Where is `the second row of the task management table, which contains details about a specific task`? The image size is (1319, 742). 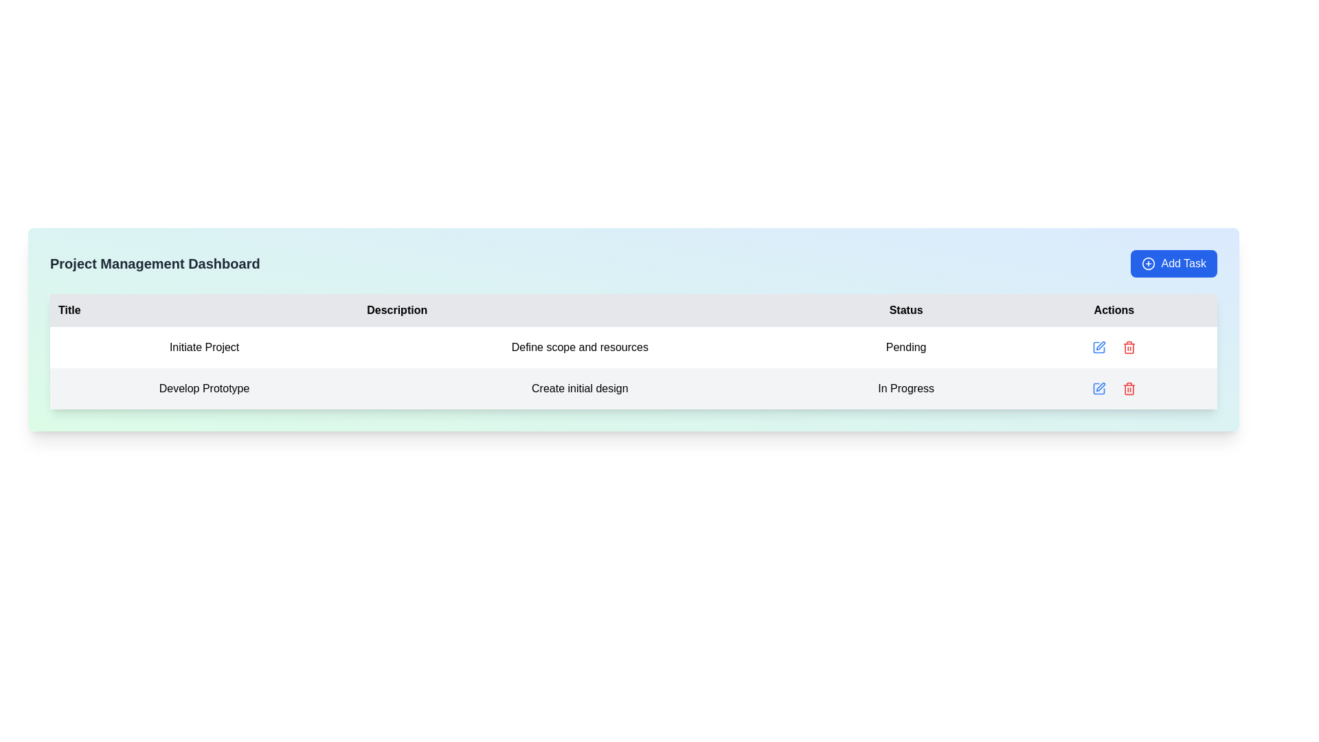 the second row of the task management table, which contains details about a specific task is located at coordinates (633, 389).